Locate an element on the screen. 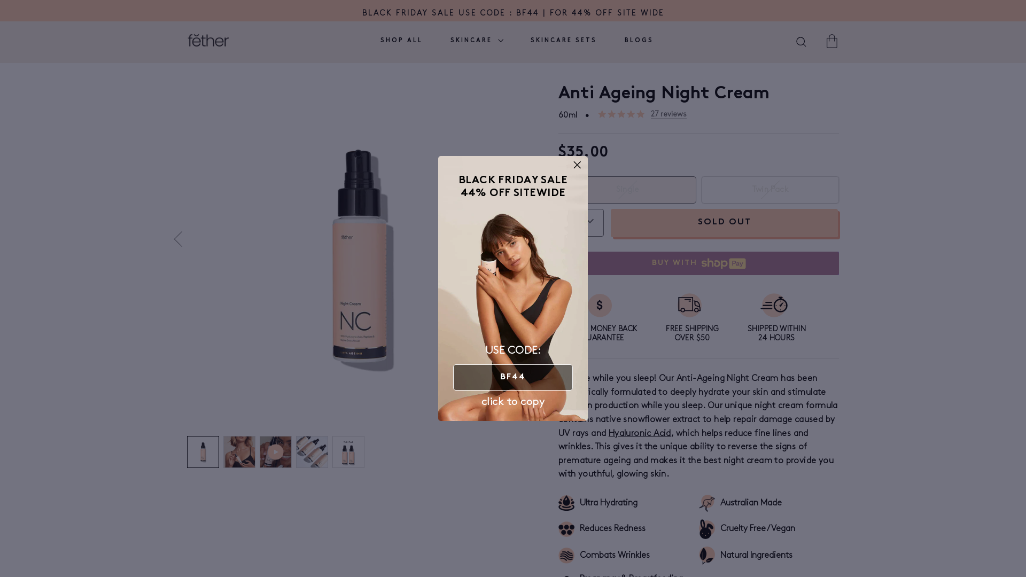  'Skip to content' is located at coordinates (0, 0).